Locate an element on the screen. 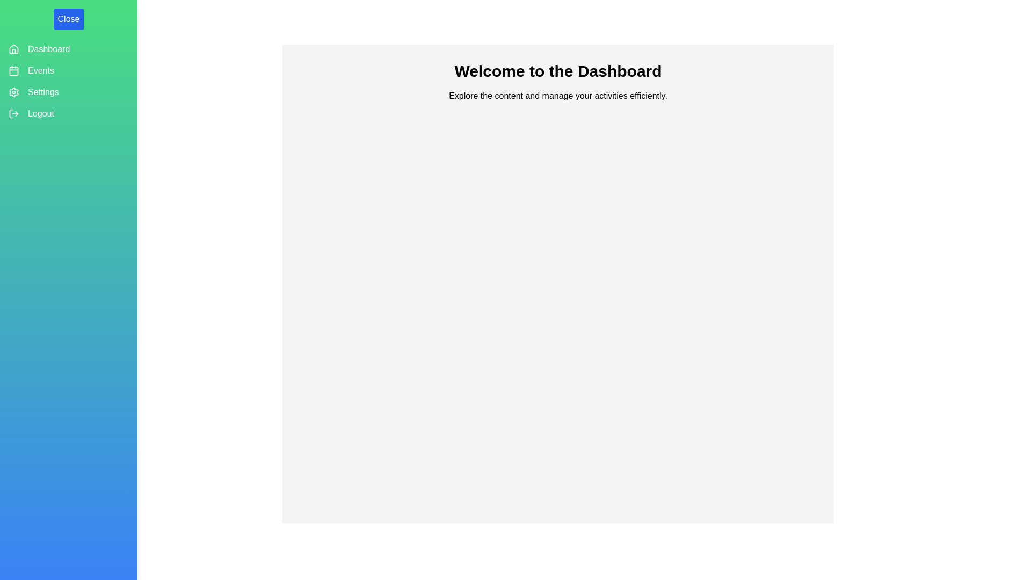  the 'Close' button to toggle the drawer state is located at coordinates (68, 19).